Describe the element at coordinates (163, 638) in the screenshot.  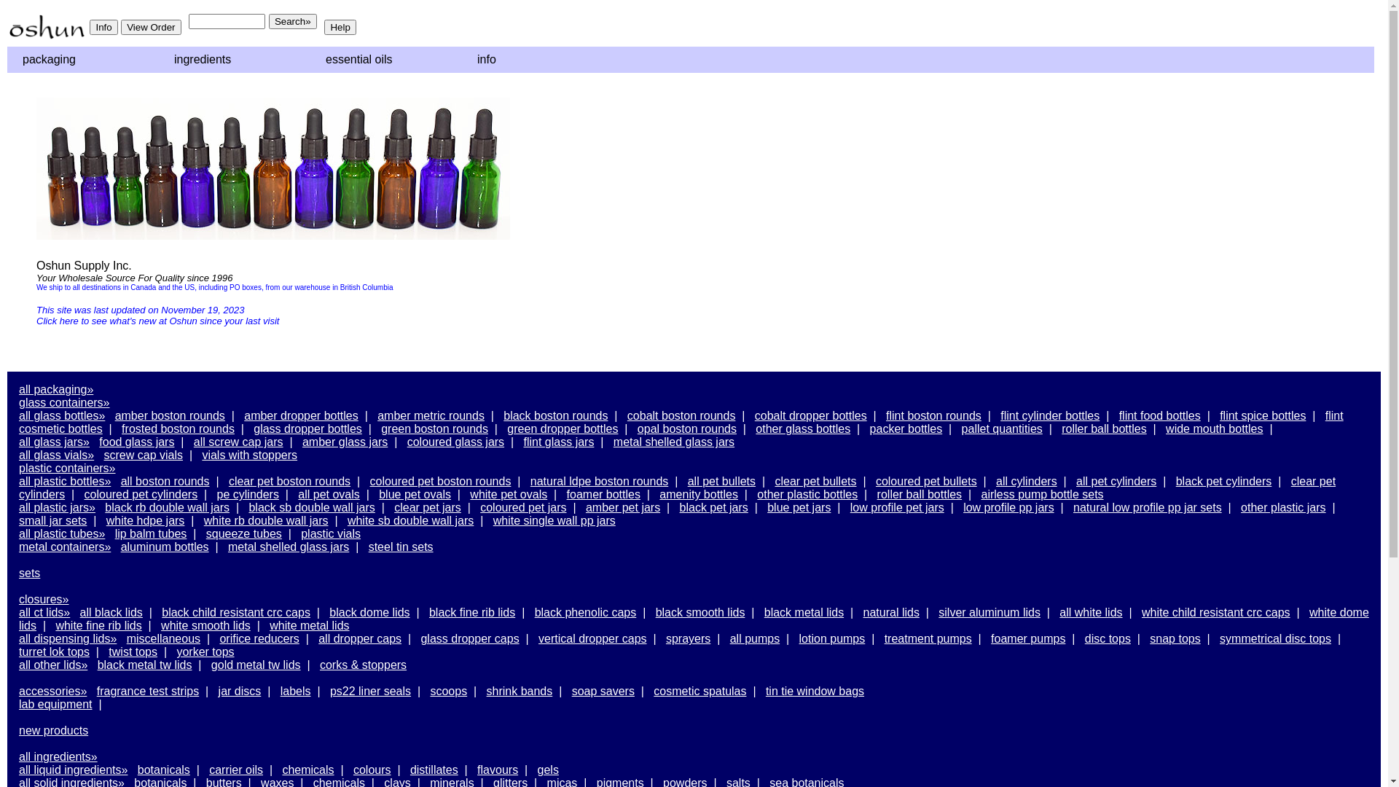
I see `'miscellaneous'` at that location.